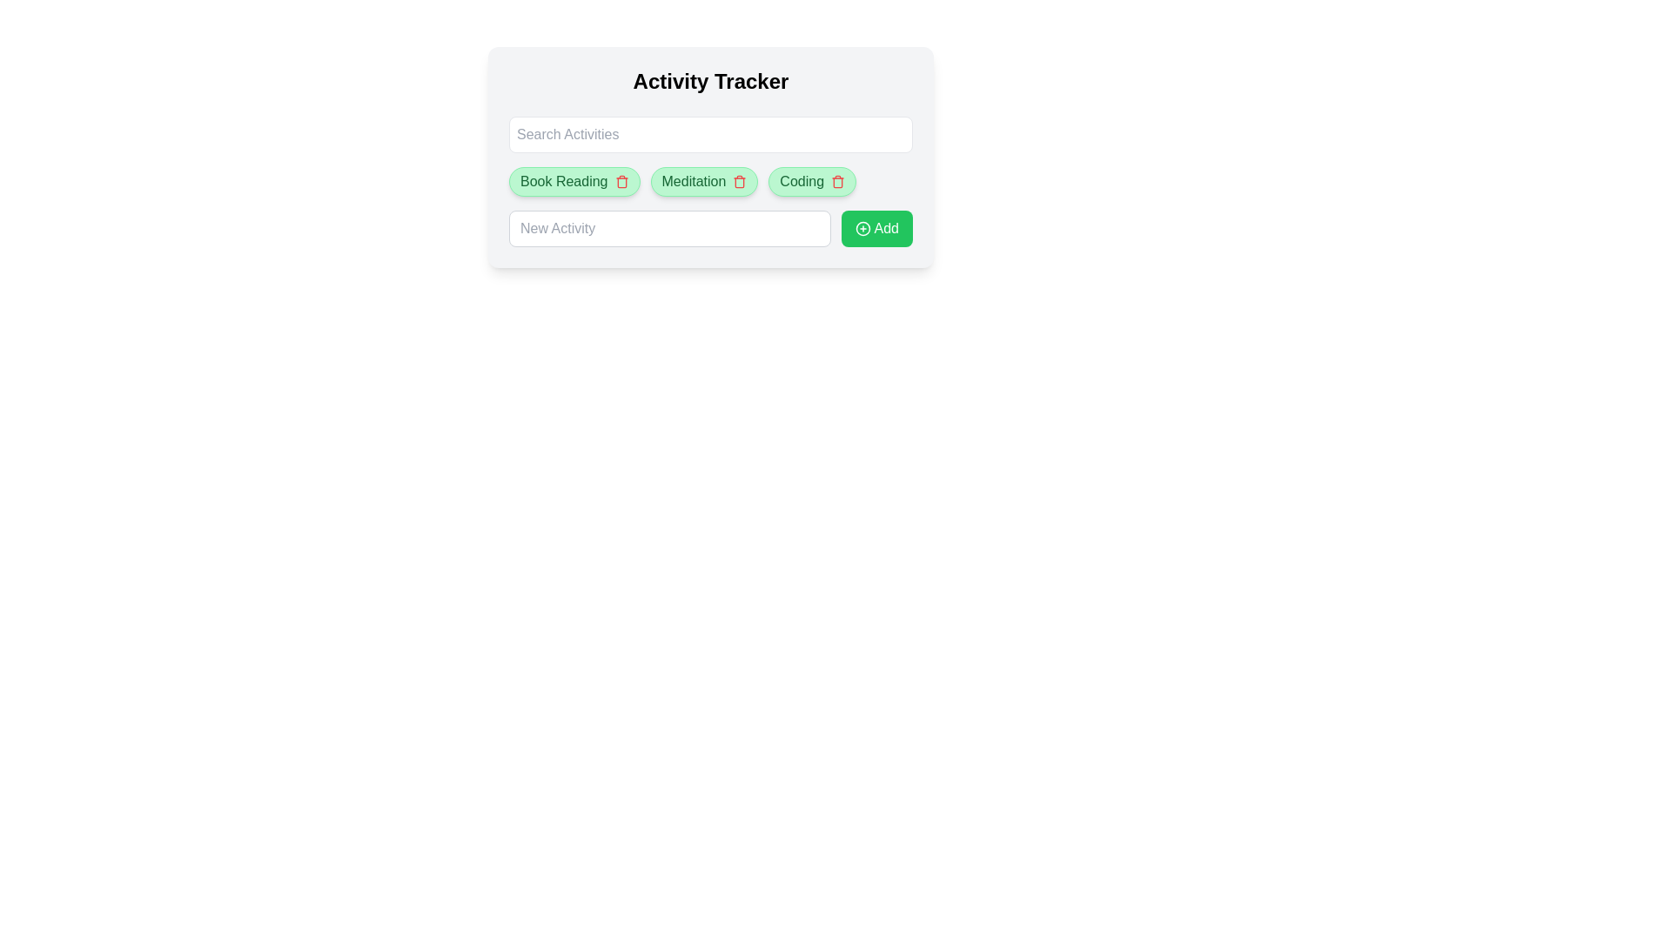  What do you see at coordinates (693, 181) in the screenshot?
I see `the 'Meditation' text label, which is part of a chip-like structure located beneath the 'Activity Tracker' header` at bounding box center [693, 181].